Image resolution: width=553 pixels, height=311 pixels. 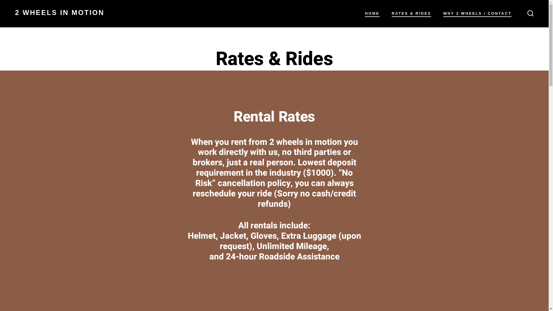 I want to click on '2 WHEELS IN MOTION', so click(x=59, y=13).